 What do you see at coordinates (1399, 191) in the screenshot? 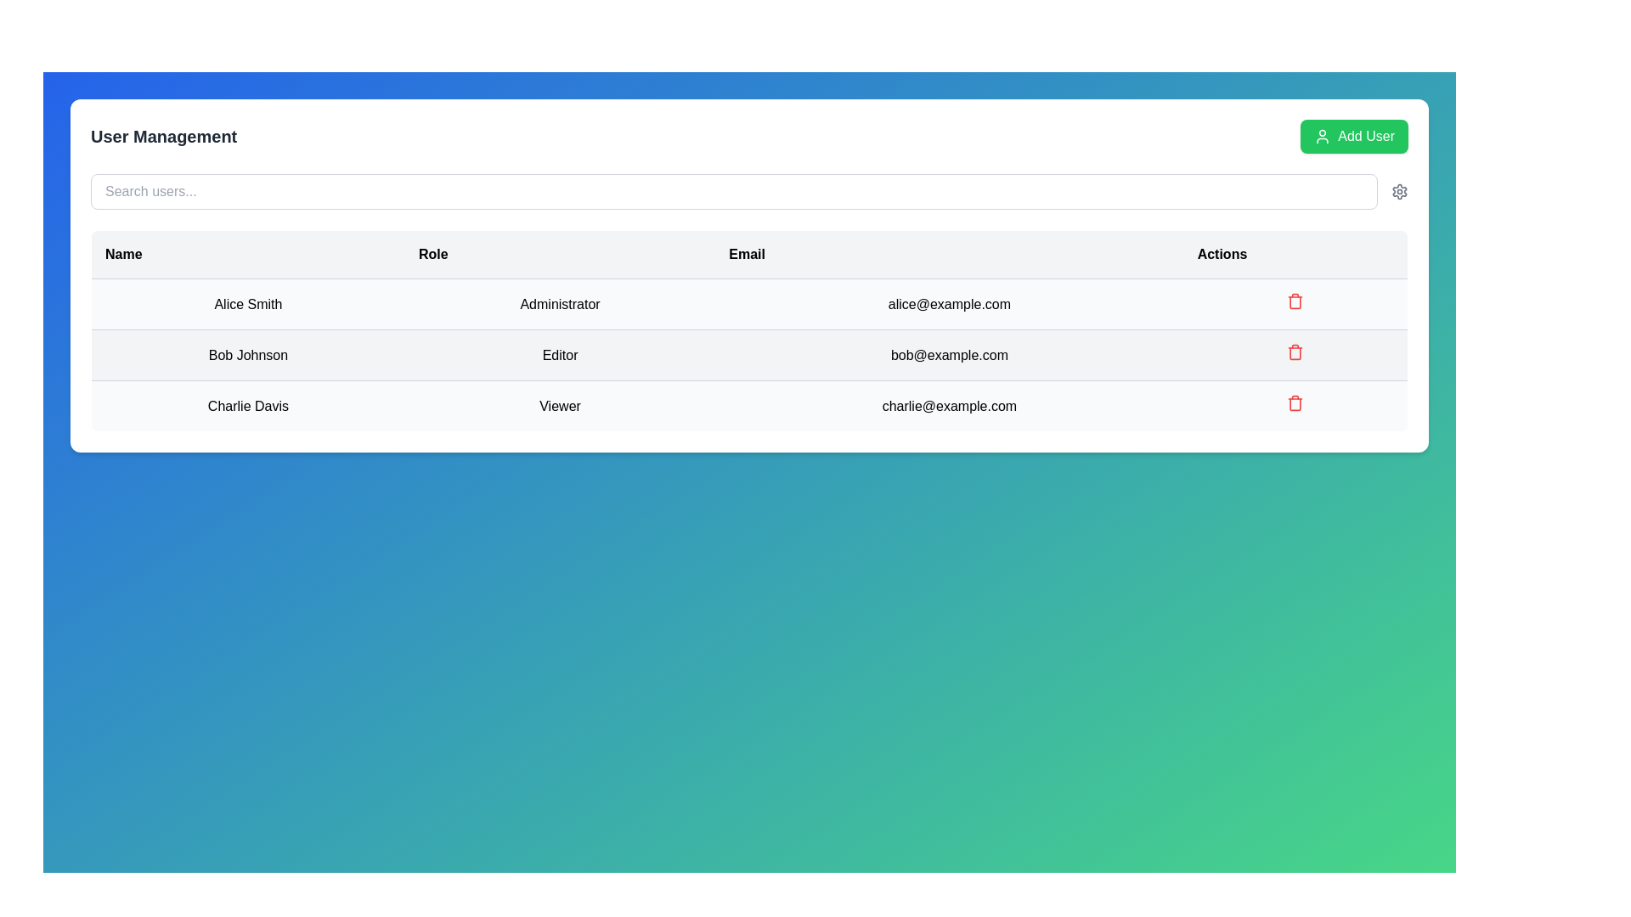
I see `the interactive settings icon located in the top-right corner of the interface` at bounding box center [1399, 191].